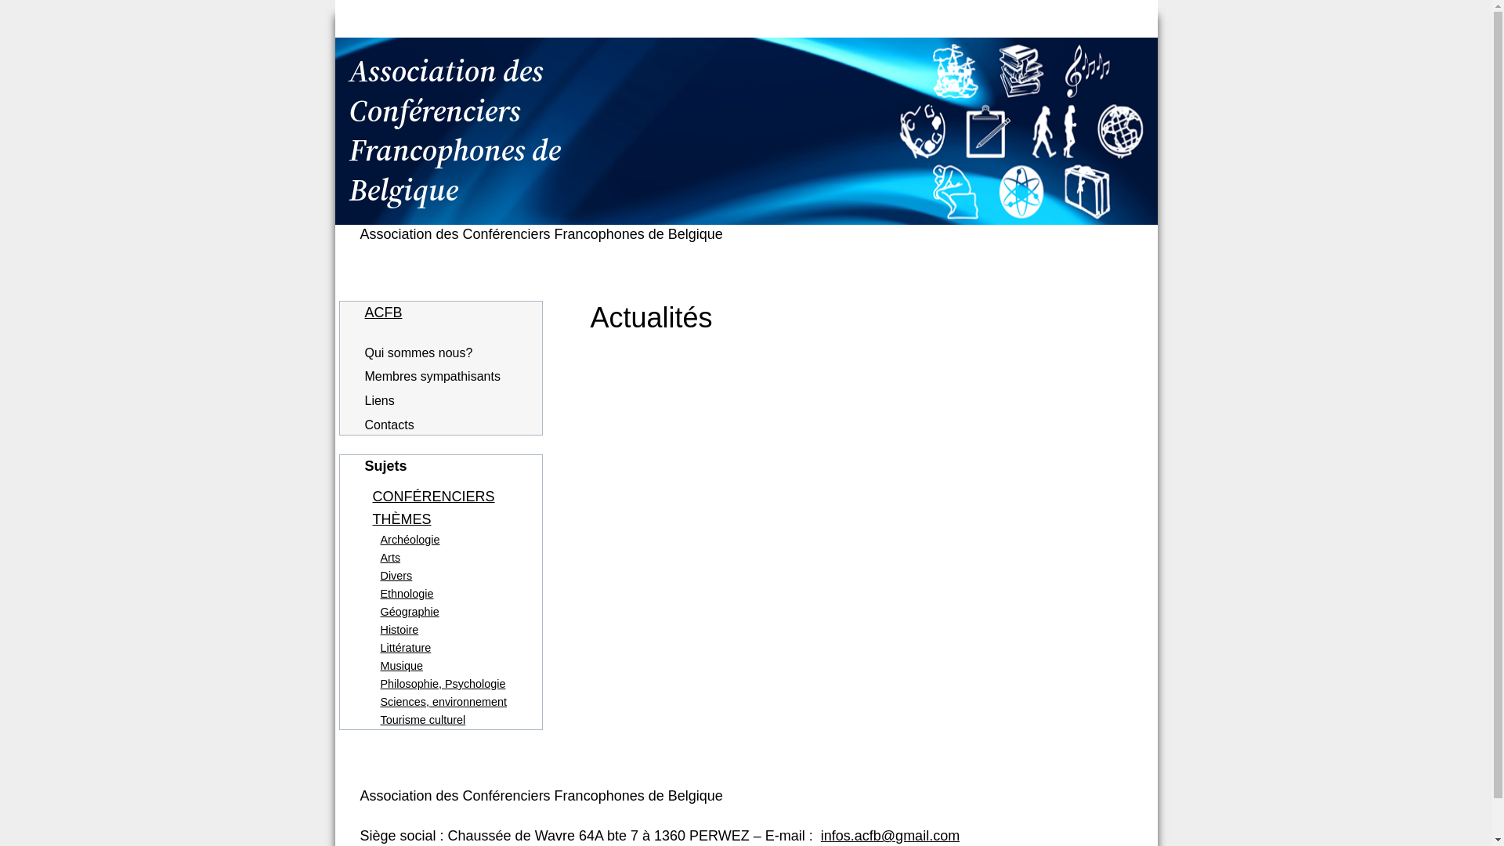 The width and height of the screenshot is (1504, 846). What do you see at coordinates (418, 353) in the screenshot?
I see `'Qui sommes nous?'` at bounding box center [418, 353].